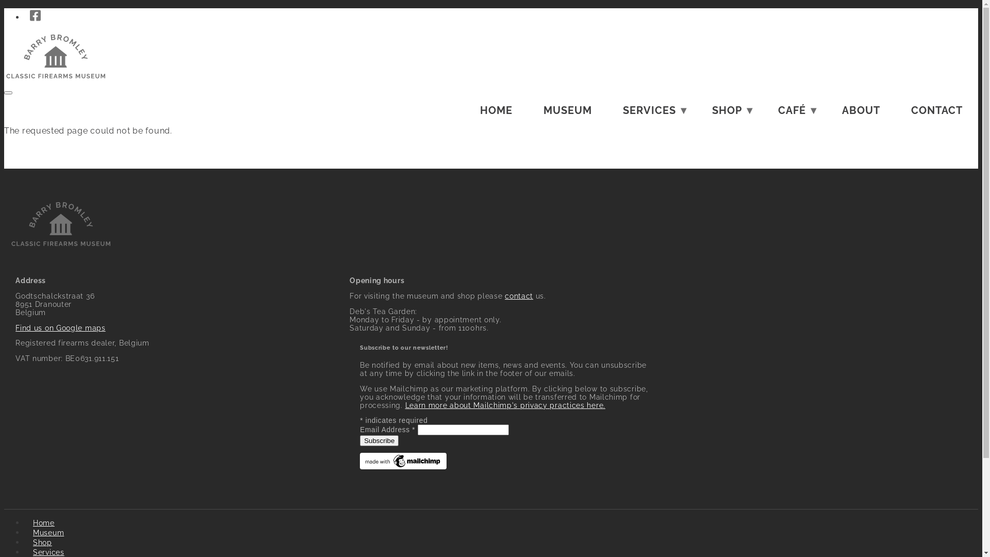 The width and height of the screenshot is (990, 557). I want to click on 'Home', so click(43, 523).